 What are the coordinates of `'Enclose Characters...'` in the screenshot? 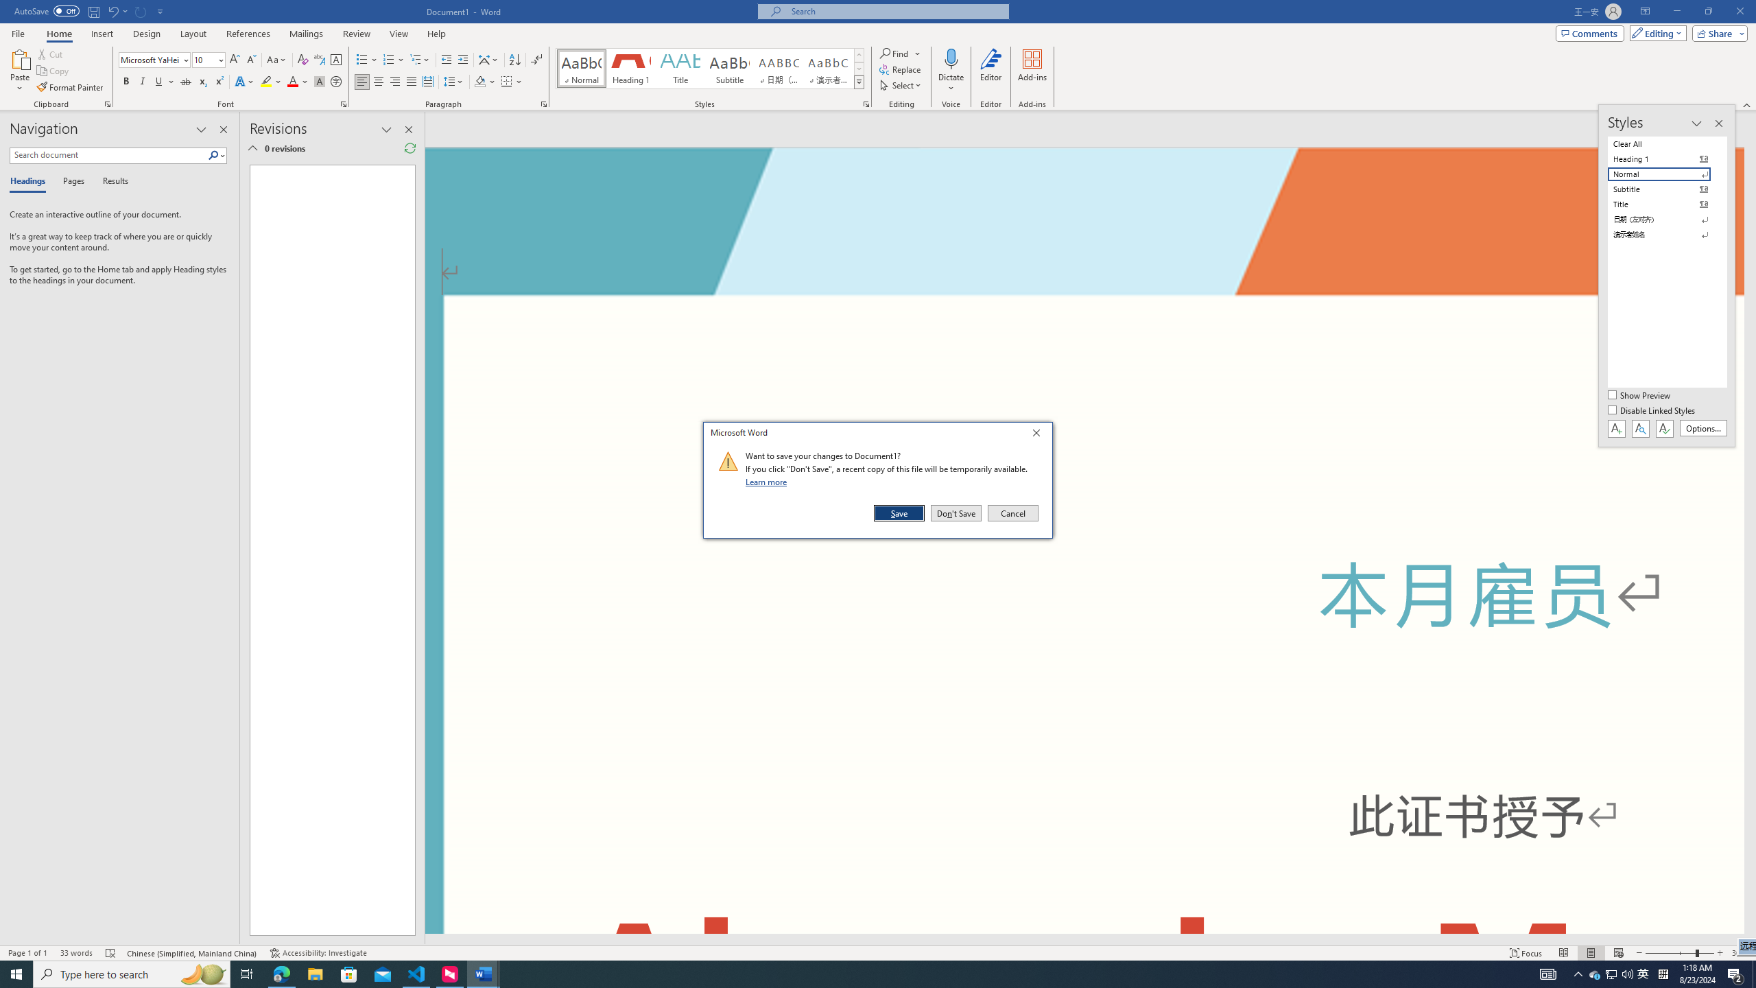 It's located at (335, 81).